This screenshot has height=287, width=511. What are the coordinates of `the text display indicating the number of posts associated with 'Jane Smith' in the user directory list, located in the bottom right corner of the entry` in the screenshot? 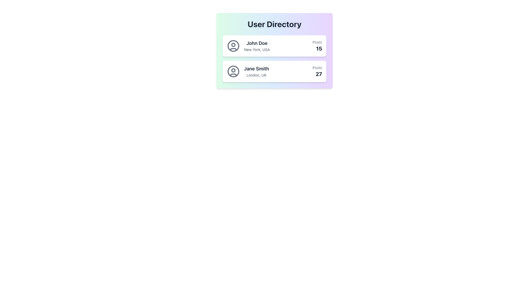 It's located at (317, 71).